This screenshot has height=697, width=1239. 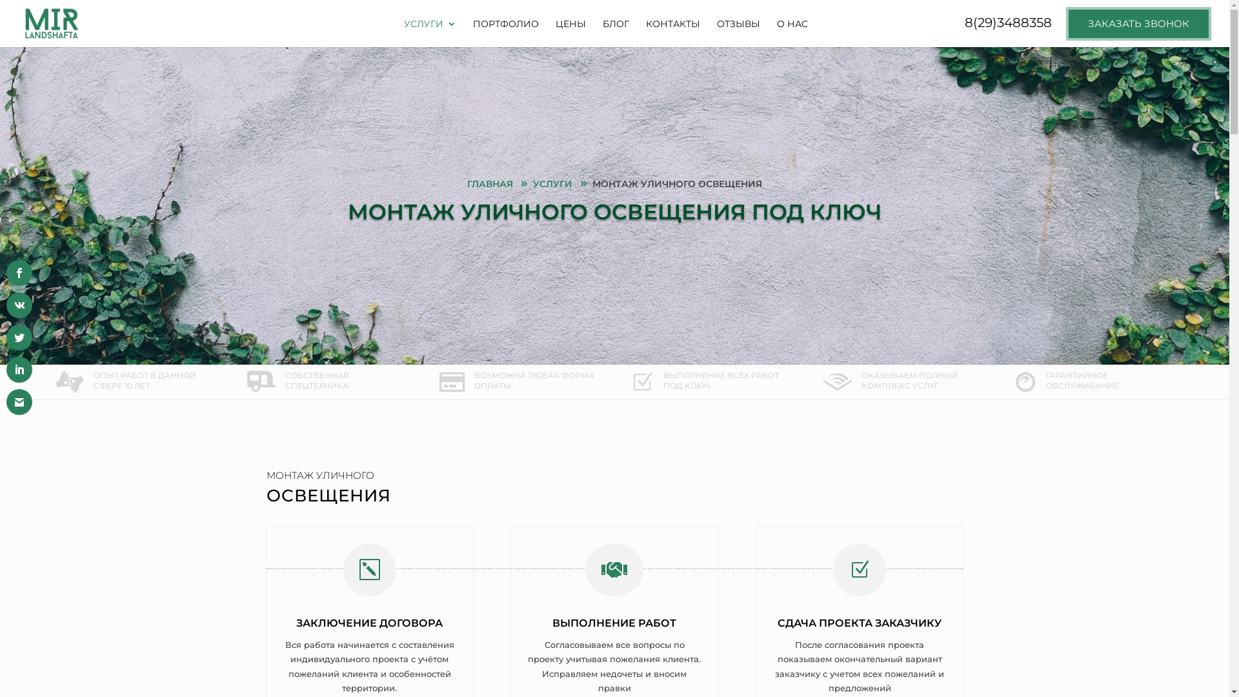 I want to click on '8(29)3488358', so click(x=964, y=28).